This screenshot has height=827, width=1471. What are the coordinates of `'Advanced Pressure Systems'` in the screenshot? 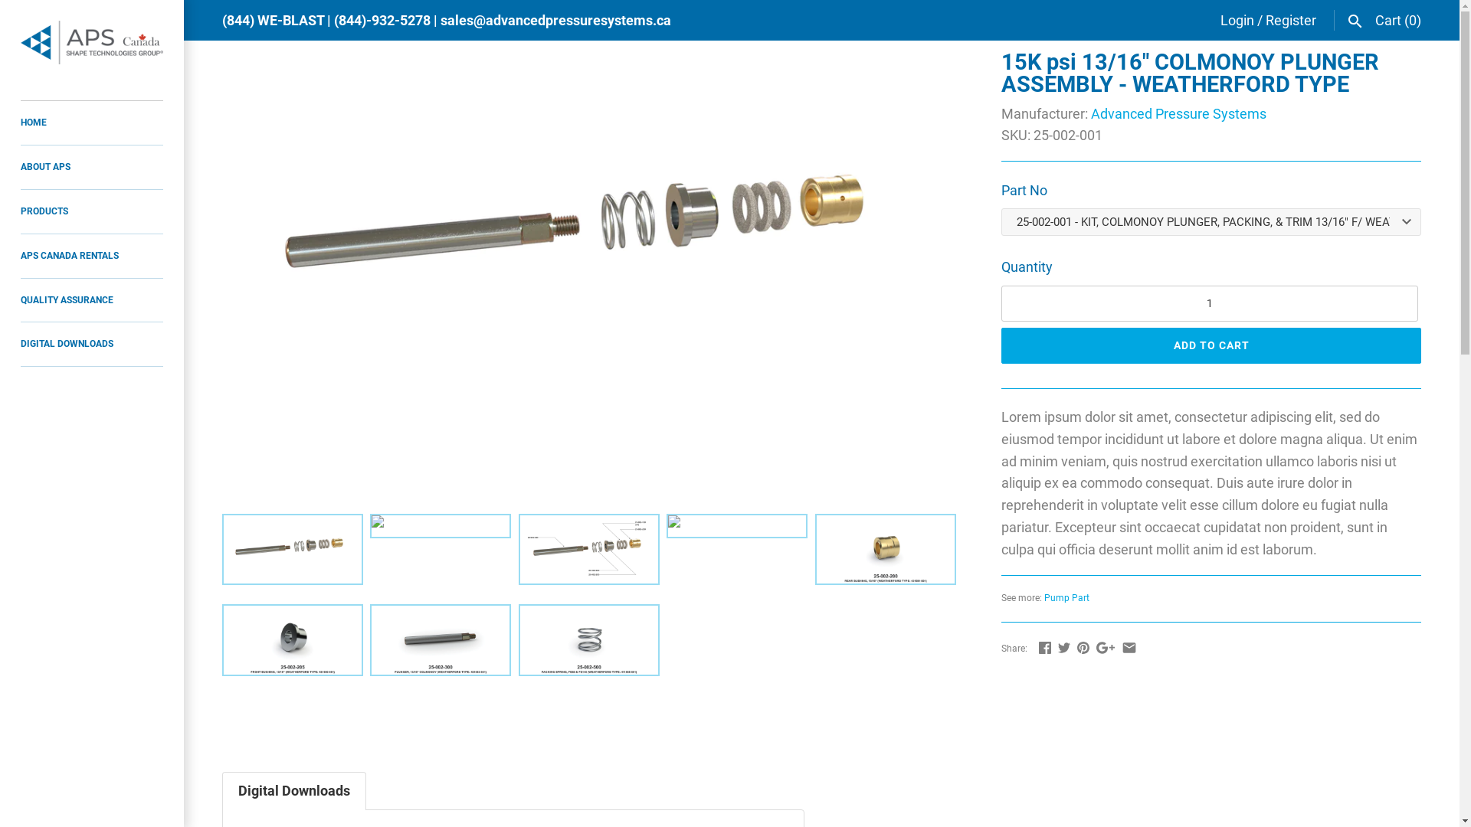 It's located at (1090, 113).